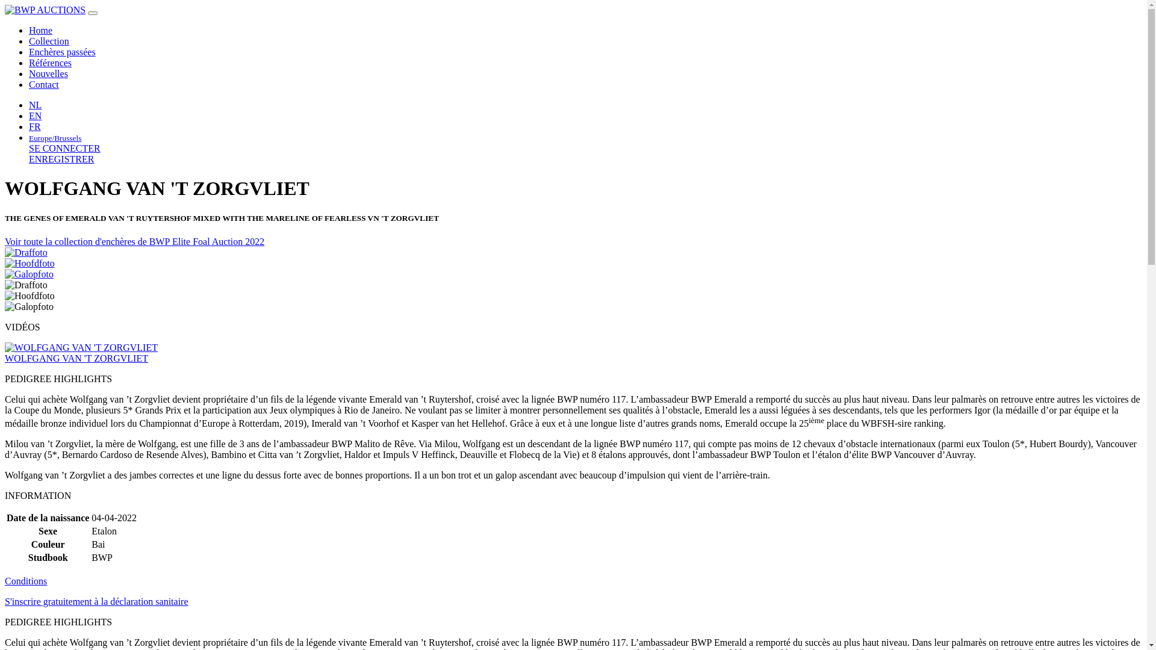 The height and width of the screenshot is (650, 1156). Describe the element at coordinates (29, 137) in the screenshot. I see `'Europe/Brussels'` at that location.